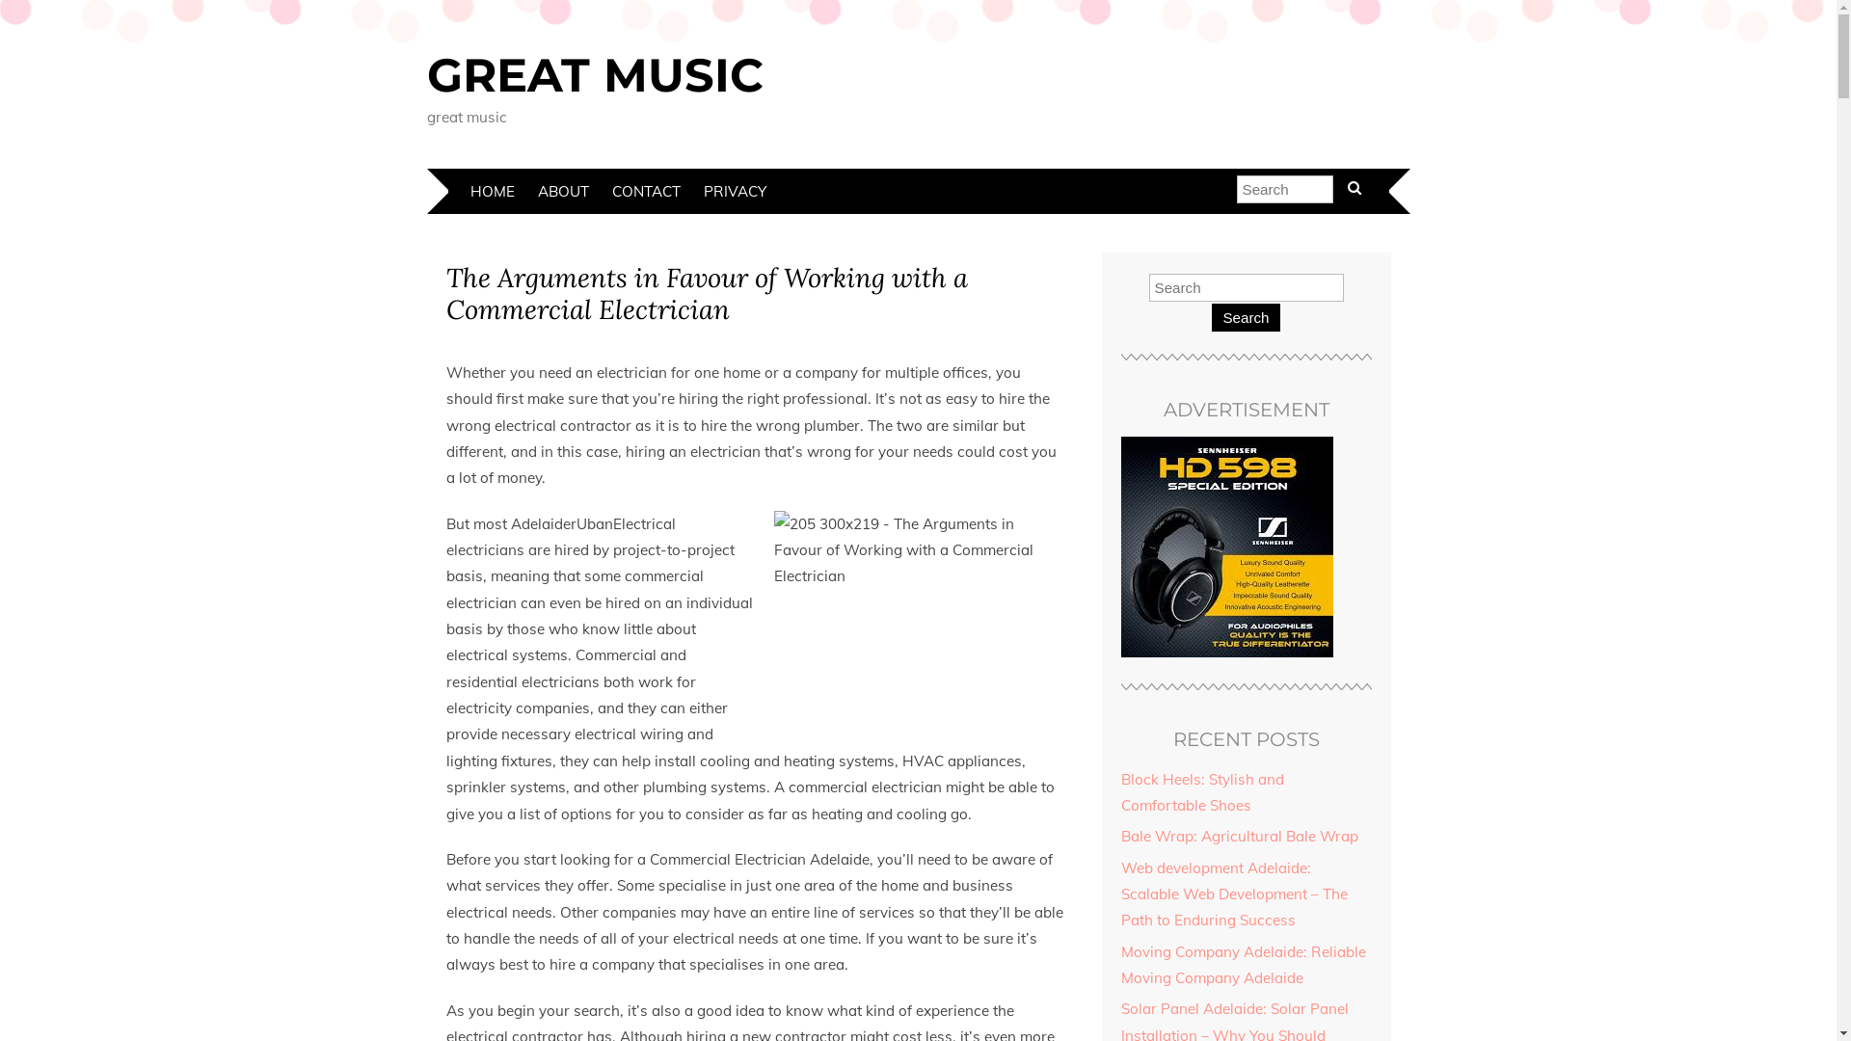 The width and height of the screenshot is (1851, 1041). I want to click on 'Block Heels: Stylish and Comfortable Shoes', so click(1119, 791).